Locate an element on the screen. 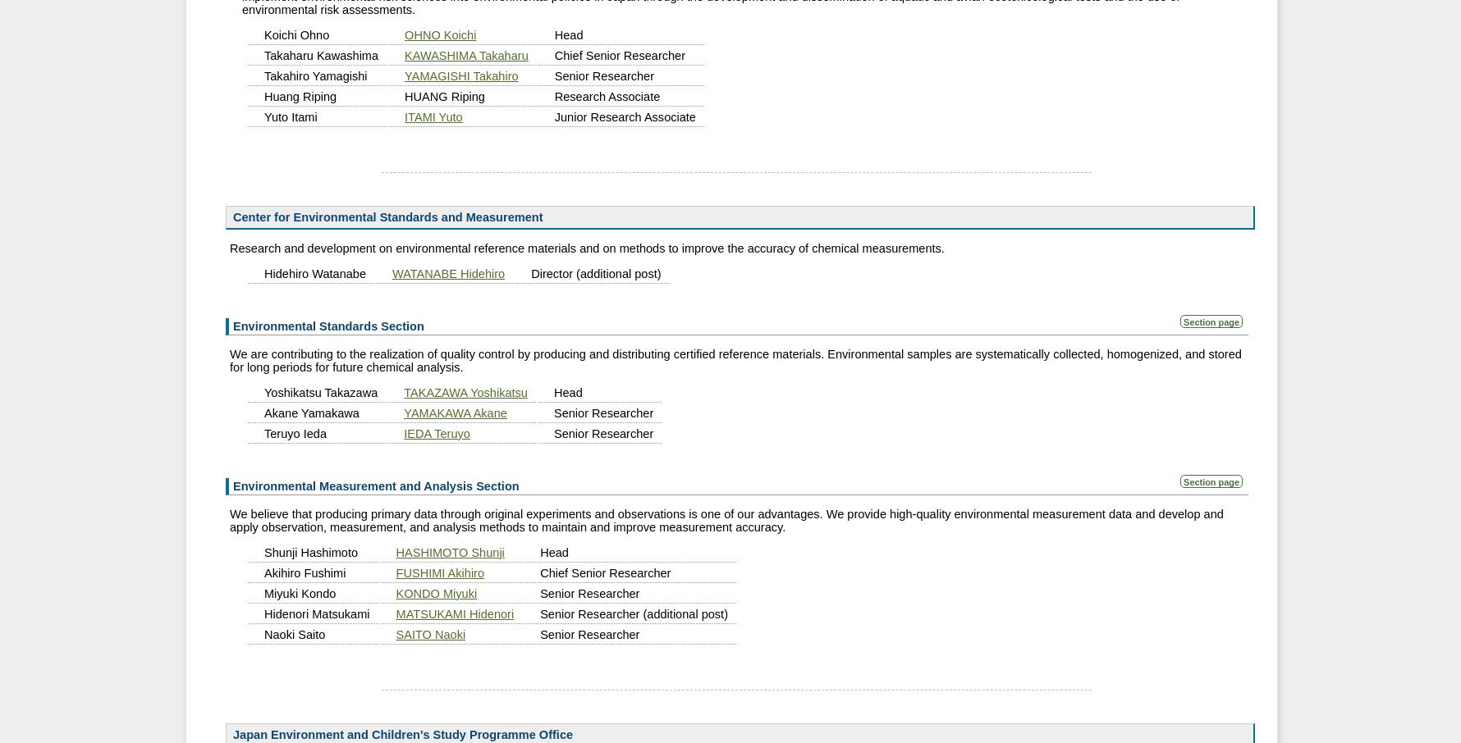  'Research and development on environmental reference materials and on methods to improve the accuracy of chemical measurements.' is located at coordinates (586, 246).